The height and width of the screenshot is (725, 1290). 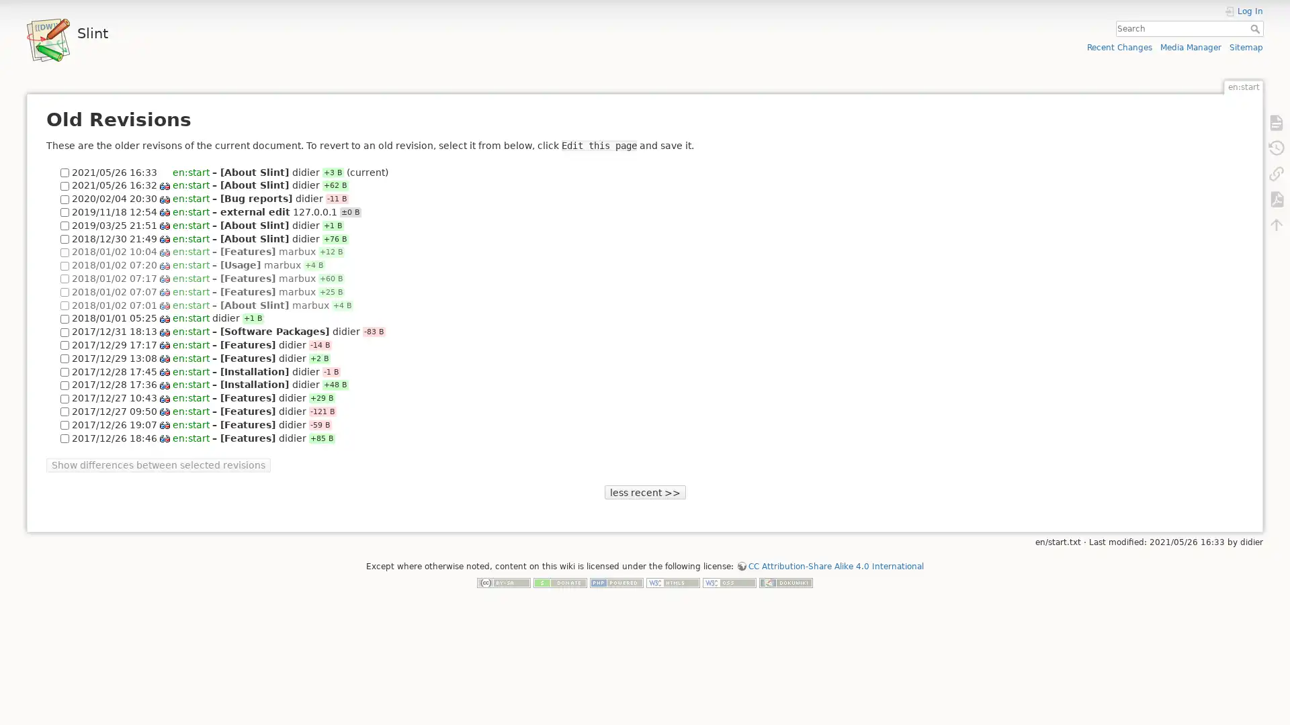 What do you see at coordinates (644, 492) in the screenshot?
I see `less recent >>` at bounding box center [644, 492].